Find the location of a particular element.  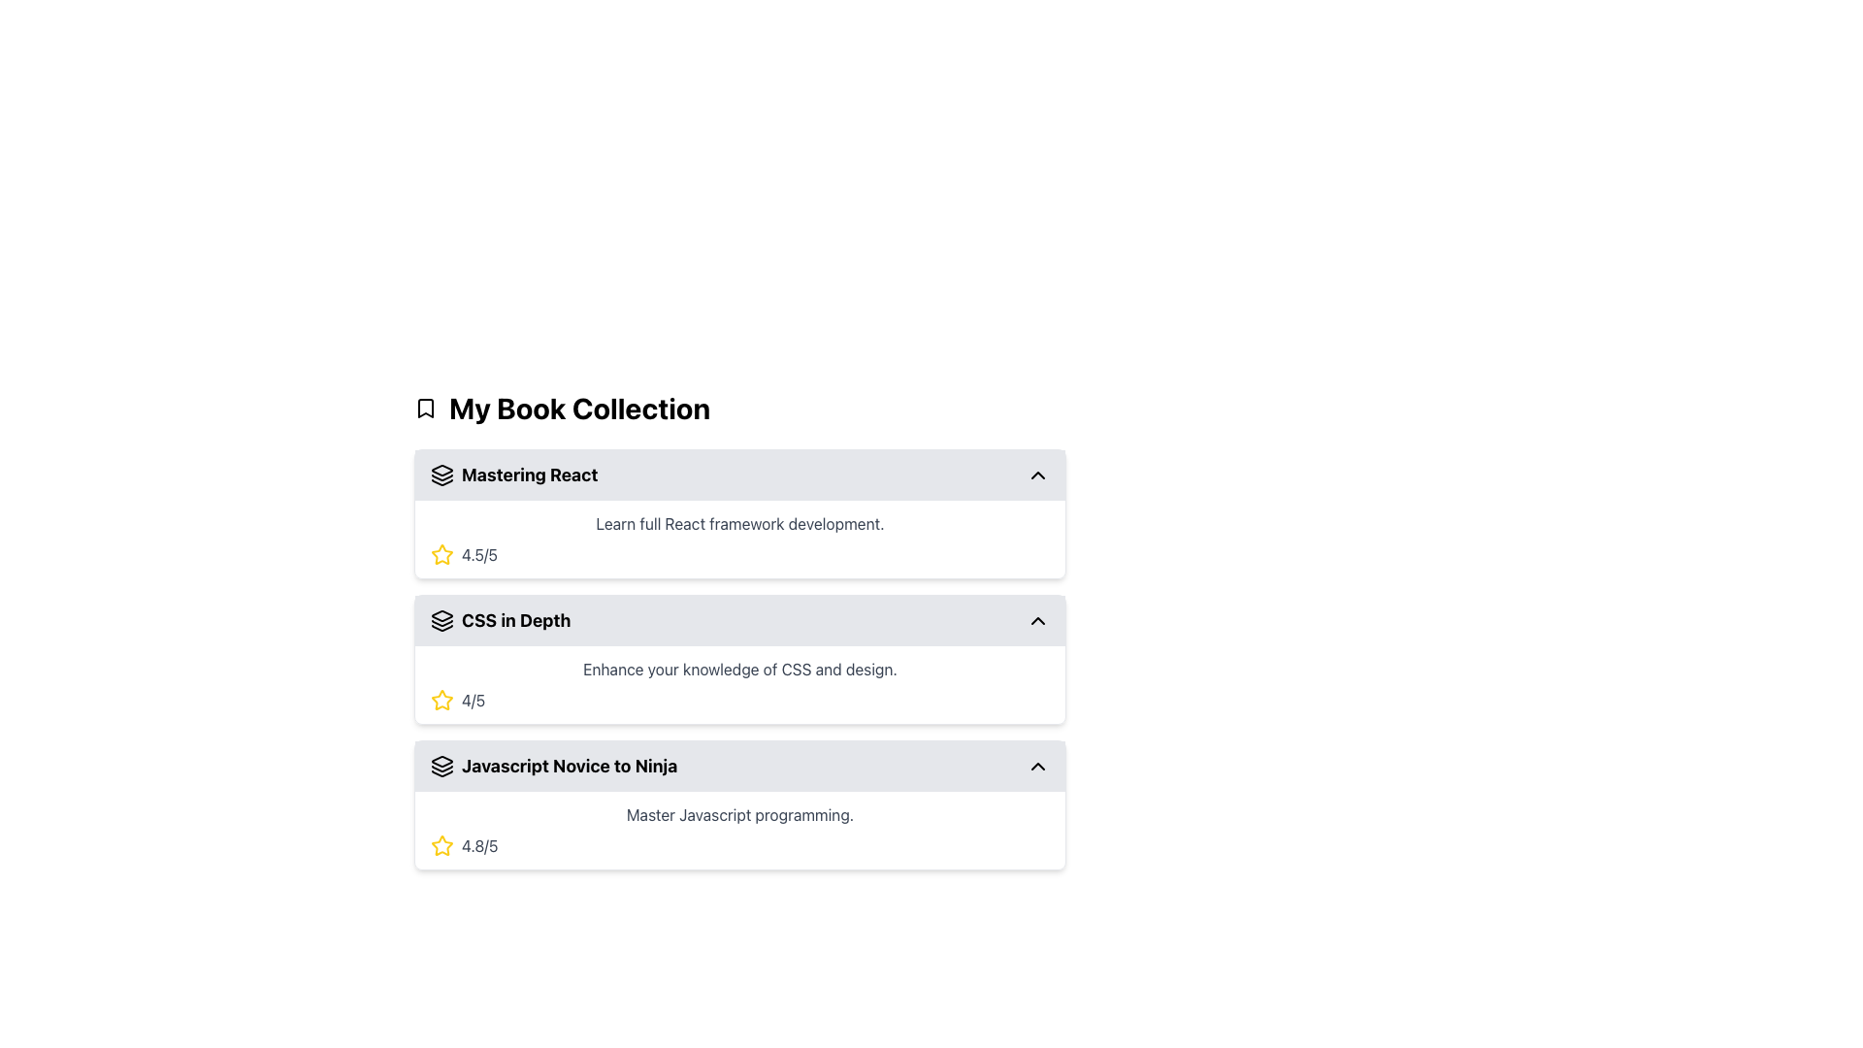

the text label that displays the title of the book, located at the center of the third entry in a vertical list of book titles, aligned to the left of an icon representing layers is located at coordinates (569, 766).